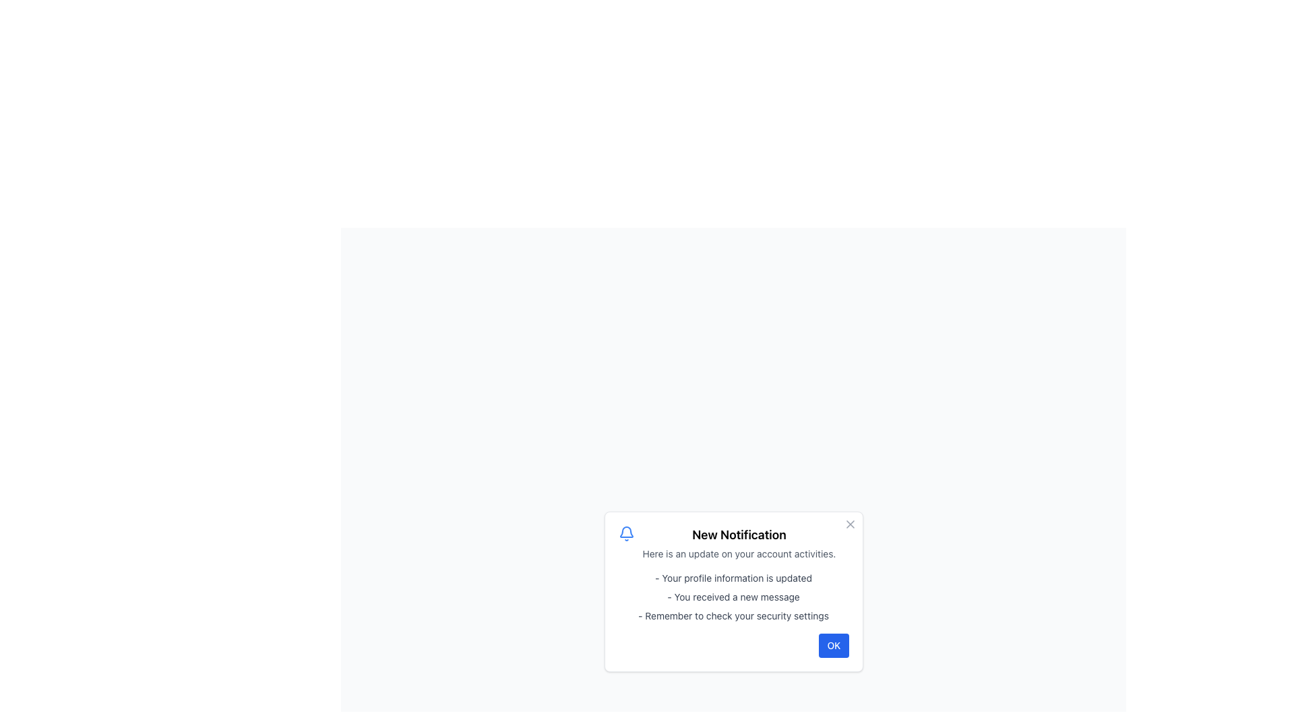 Image resolution: width=1294 pixels, height=728 pixels. Describe the element at coordinates (733, 616) in the screenshot. I see `text element that displays '- Remember to check your security settings' located in the notification popup, positioned below the second list item and above the 'OK' button` at that location.